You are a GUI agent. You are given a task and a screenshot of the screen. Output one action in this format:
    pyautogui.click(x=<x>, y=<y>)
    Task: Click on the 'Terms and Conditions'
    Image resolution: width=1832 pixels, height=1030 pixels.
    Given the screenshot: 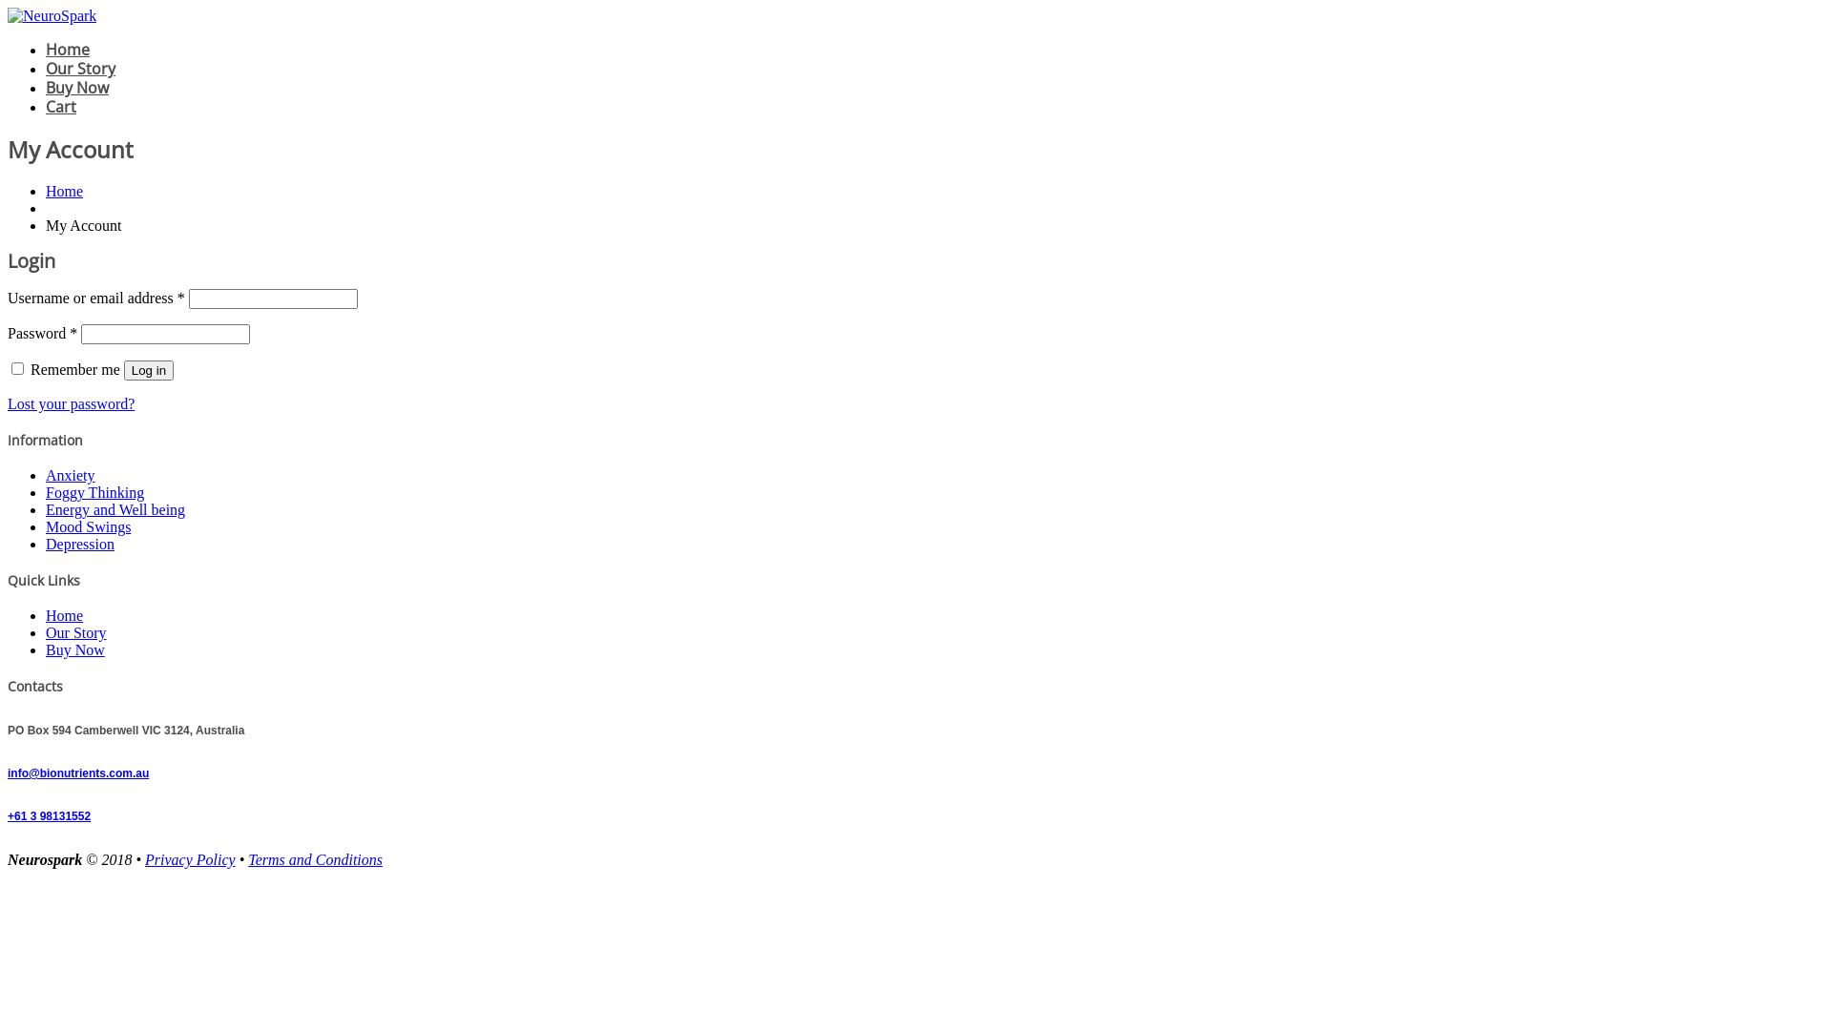 What is the action you would take?
    pyautogui.click(x=315, y=859)
    